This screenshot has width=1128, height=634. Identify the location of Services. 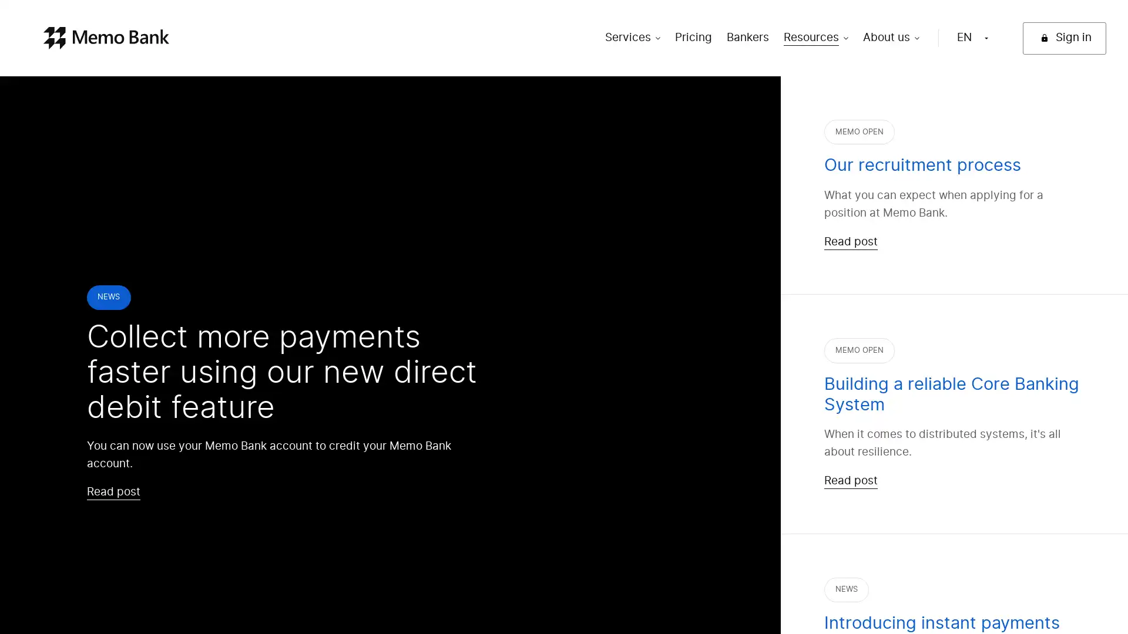
(632, 38).